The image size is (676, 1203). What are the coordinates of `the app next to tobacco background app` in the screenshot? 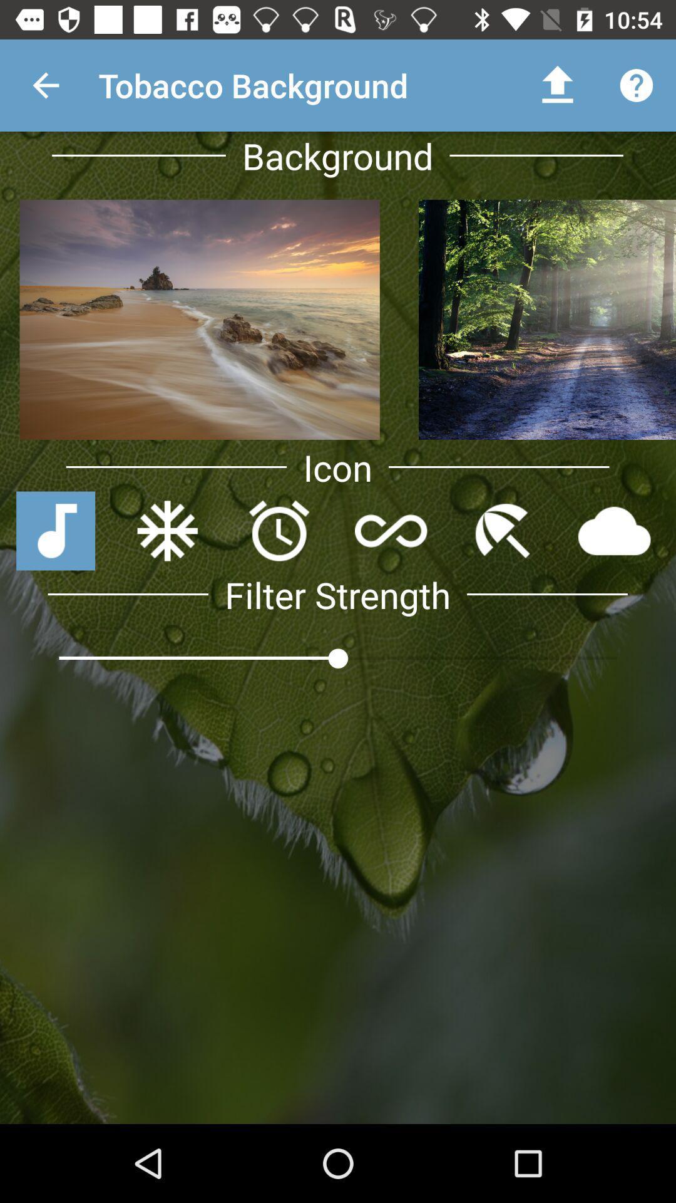 It's located at (45, 85).